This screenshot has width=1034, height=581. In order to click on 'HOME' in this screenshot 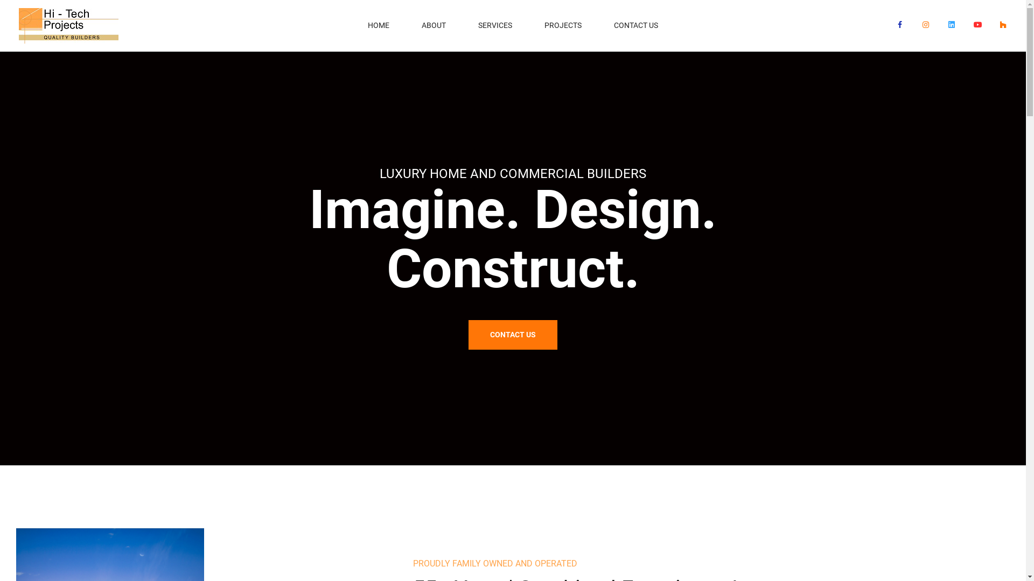, I will do `click(378, 25)`.